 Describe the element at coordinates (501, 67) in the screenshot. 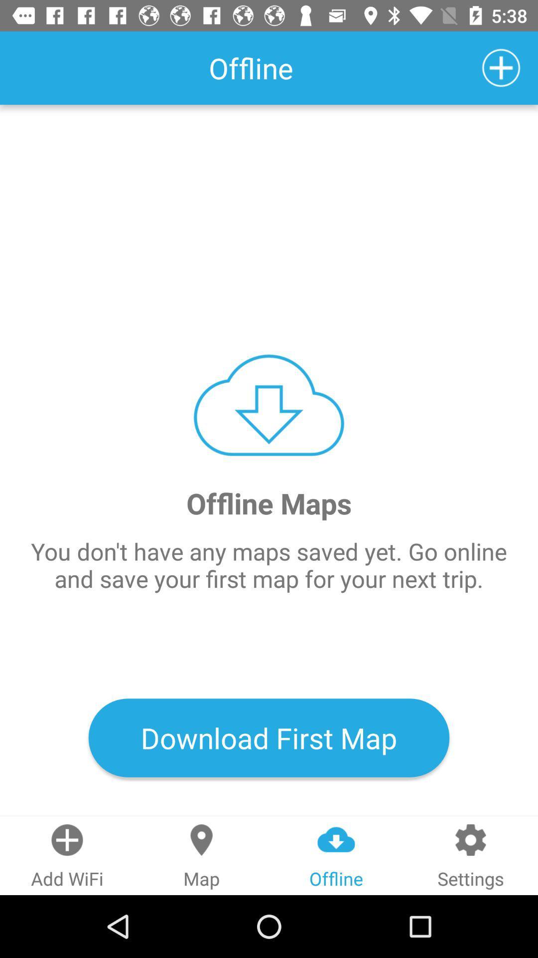

I see `new tap` at that location.